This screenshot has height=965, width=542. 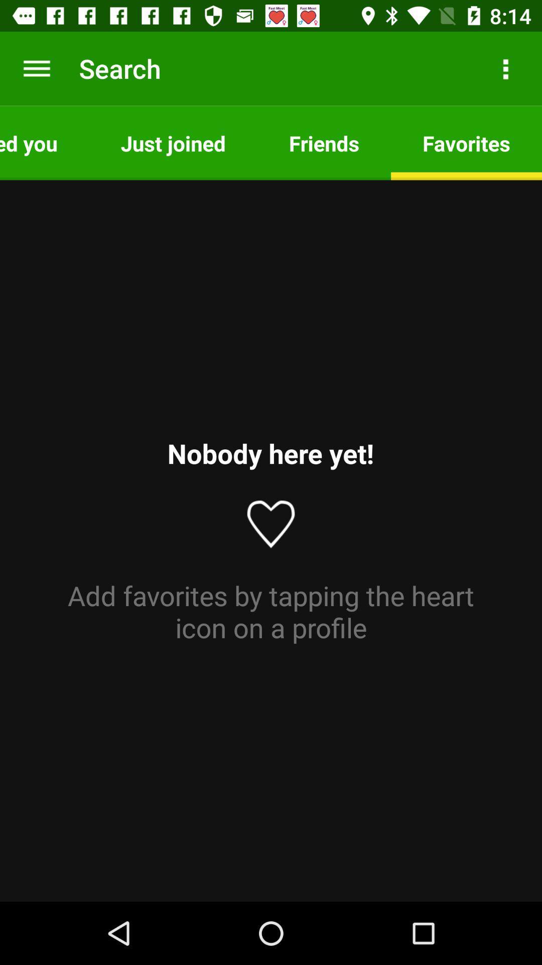 I want to click on the icon to the left of the search item, so click(x=36, y=68).